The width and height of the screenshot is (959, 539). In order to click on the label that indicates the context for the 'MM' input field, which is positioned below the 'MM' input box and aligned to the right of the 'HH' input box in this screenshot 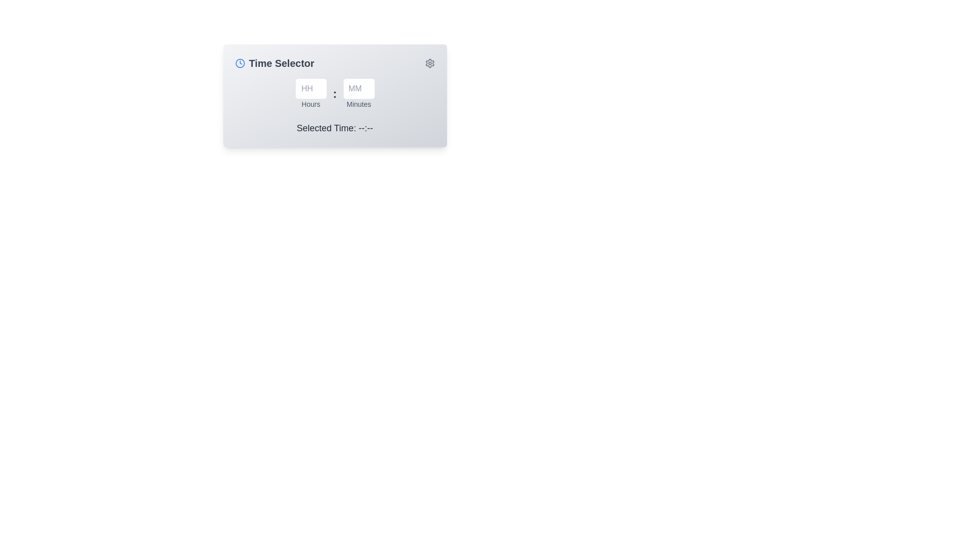, I will do `click(359, 104)`.